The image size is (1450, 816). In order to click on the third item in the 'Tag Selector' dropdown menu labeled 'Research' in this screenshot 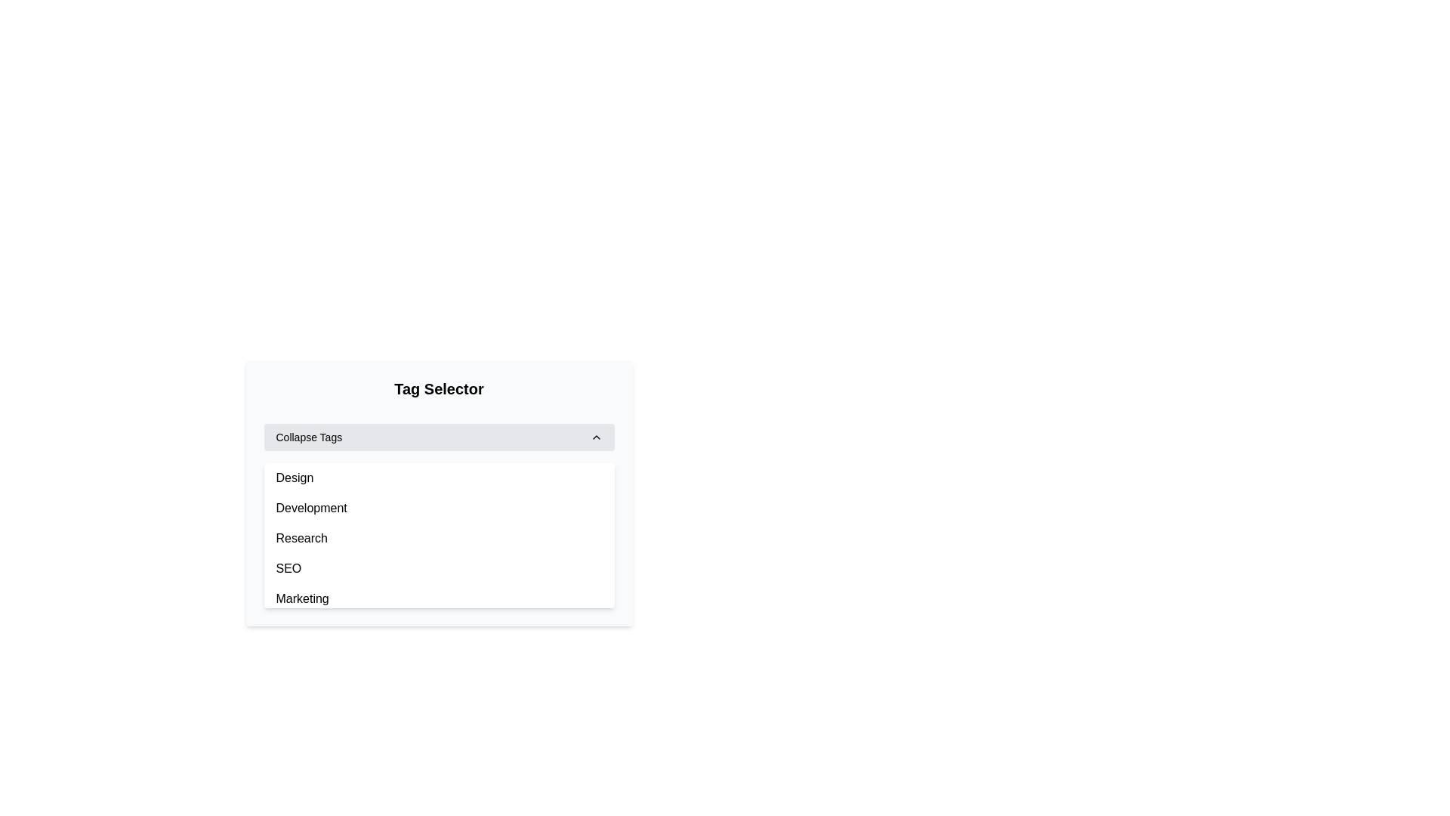, I will do `click(301, 538)`.